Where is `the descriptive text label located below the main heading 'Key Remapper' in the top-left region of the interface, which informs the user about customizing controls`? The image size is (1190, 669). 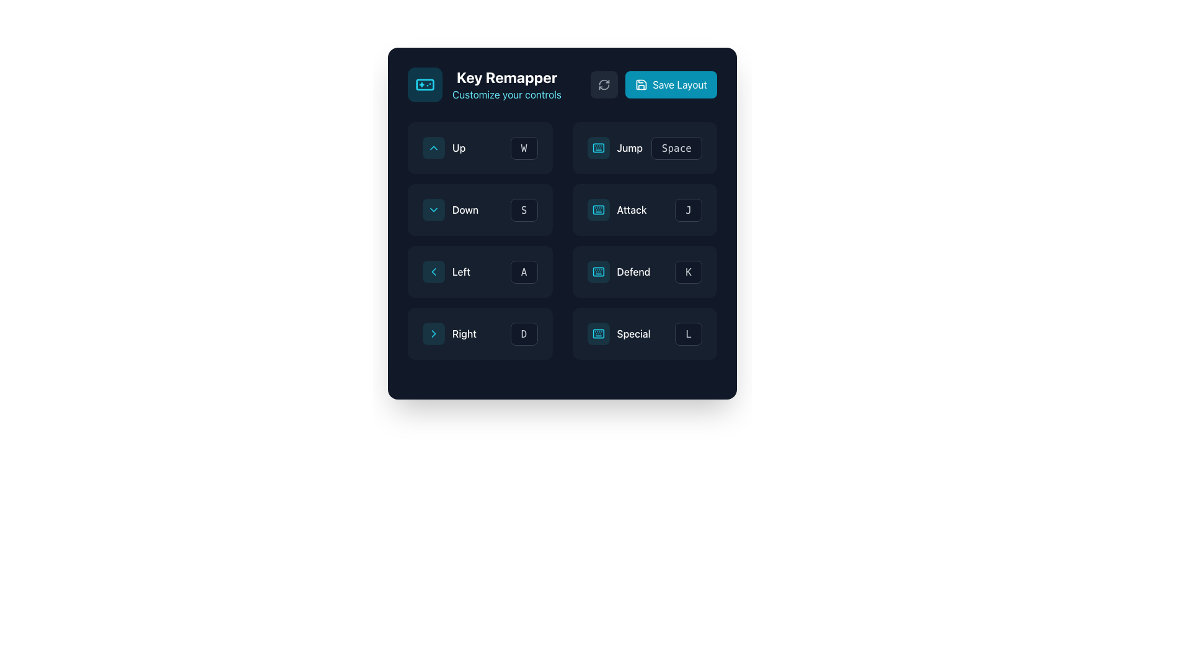
the descriptive text label located below the main heading 'Key Remapper' in the top-left region of the interface, which informs the user about customizing controls is located at coordinates (506, 94).